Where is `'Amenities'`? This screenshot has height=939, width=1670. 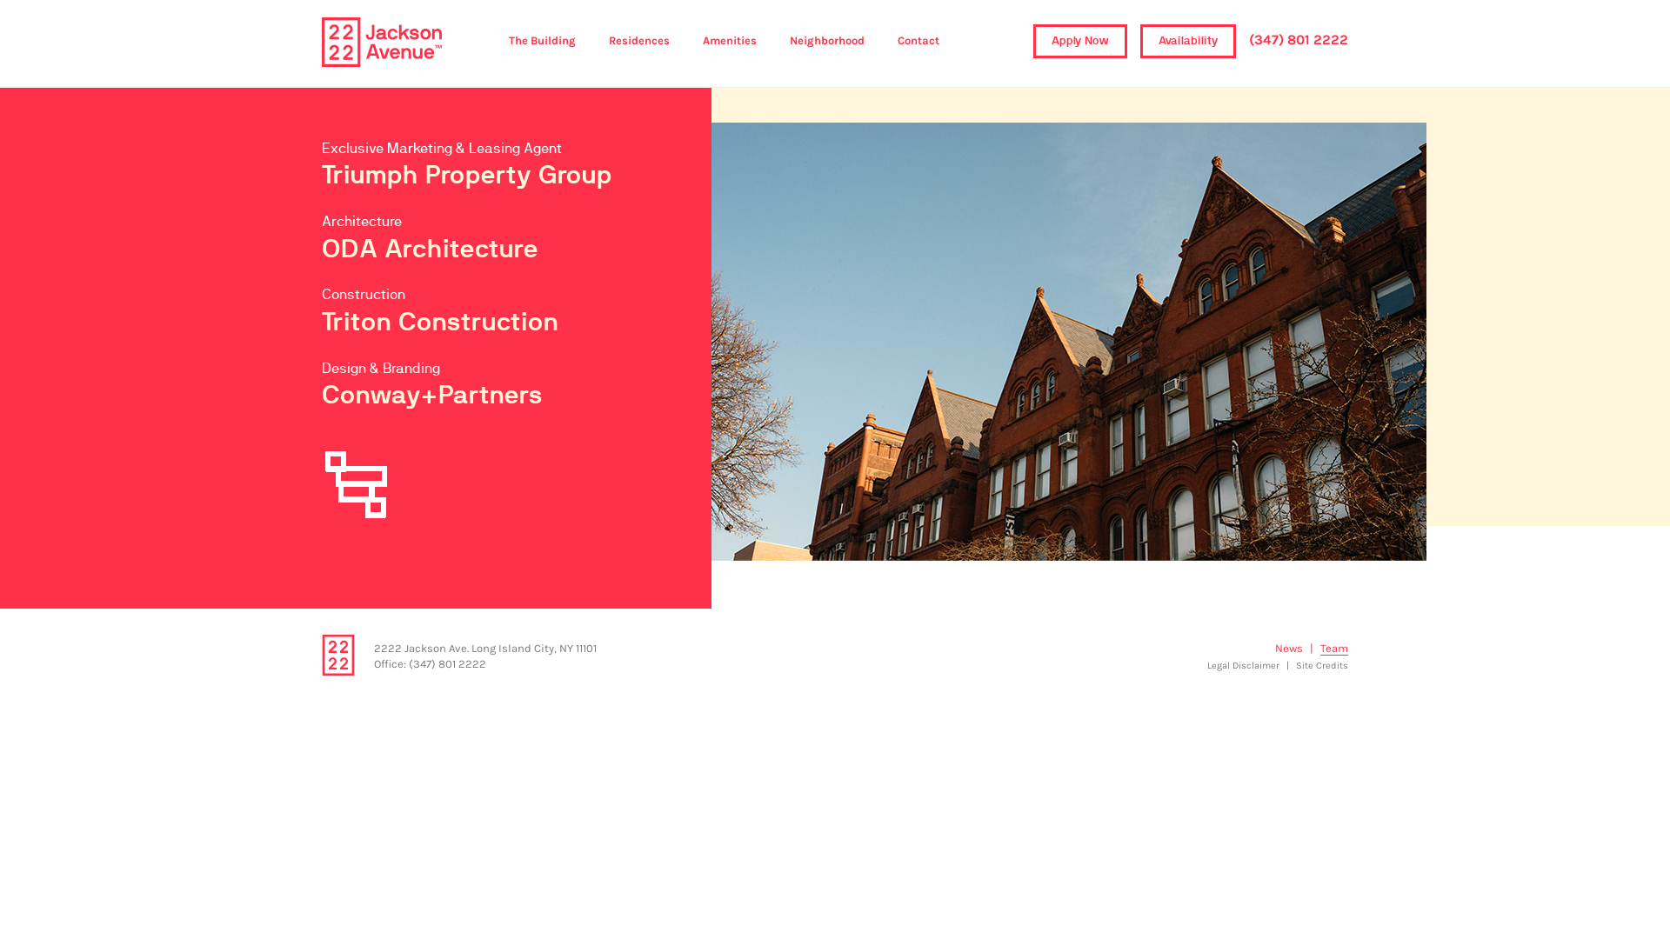
'Amenities' is located at coordinates (702, 39).